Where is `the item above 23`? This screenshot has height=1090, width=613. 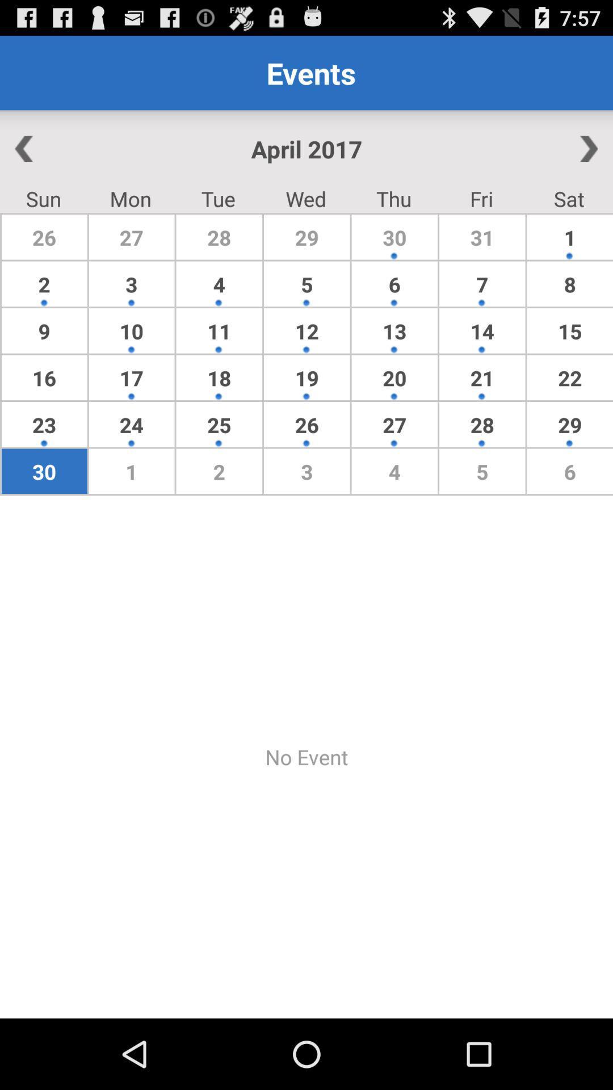
the item above 23 is located at coordinates (44, 378).